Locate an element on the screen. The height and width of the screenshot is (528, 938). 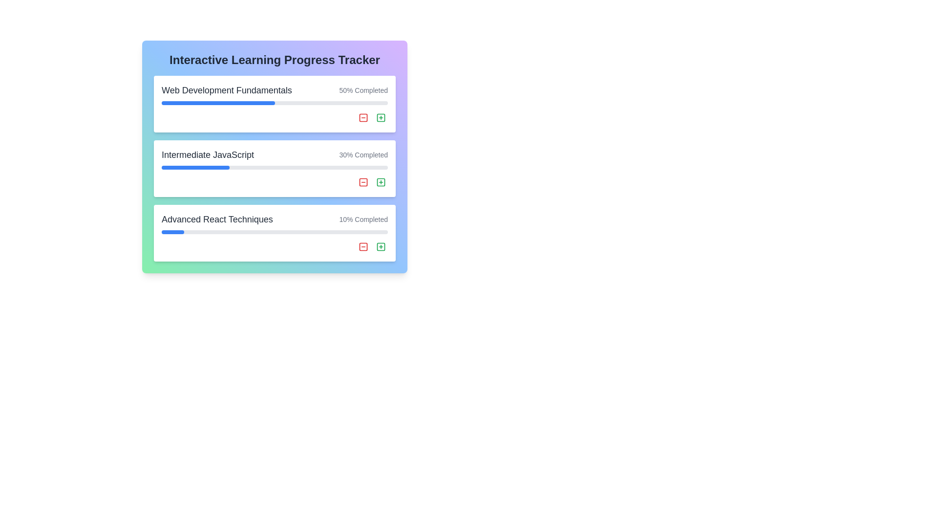
the decrement button located at the bottom-right corner of the 'Advanced React Techniques' section is located at coordinates (363, 246).